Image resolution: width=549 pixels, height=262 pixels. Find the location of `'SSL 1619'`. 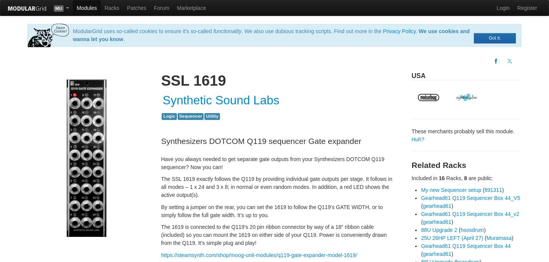

'SSL 1619' is located at coordinates (161, 80).